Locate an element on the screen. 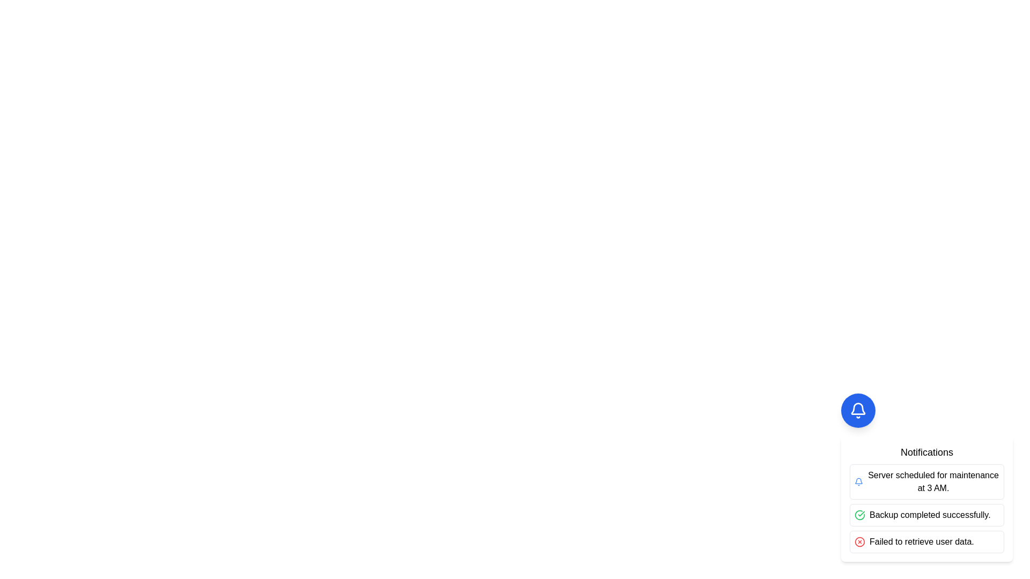  the text label that reads 'Failed to retrieve user data.' within the notification panel is located at coordinates (921, 541).